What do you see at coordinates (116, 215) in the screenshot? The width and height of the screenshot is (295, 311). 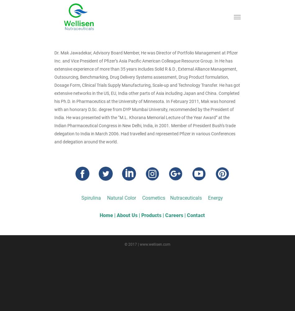 I see `'About Us'` at bounding box center [116, 215].